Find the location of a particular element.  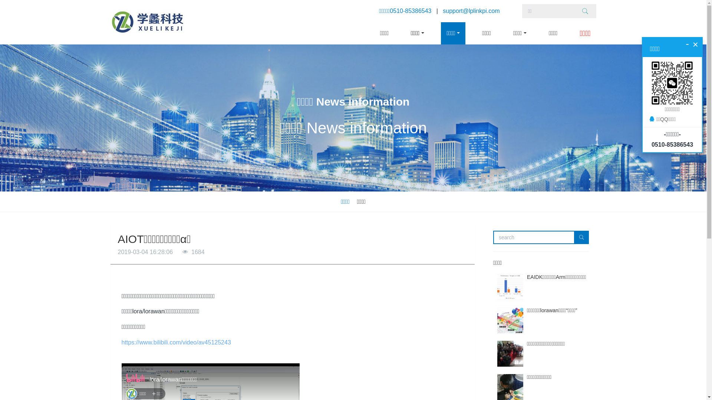

'-' is located at coordinates (687, 44).